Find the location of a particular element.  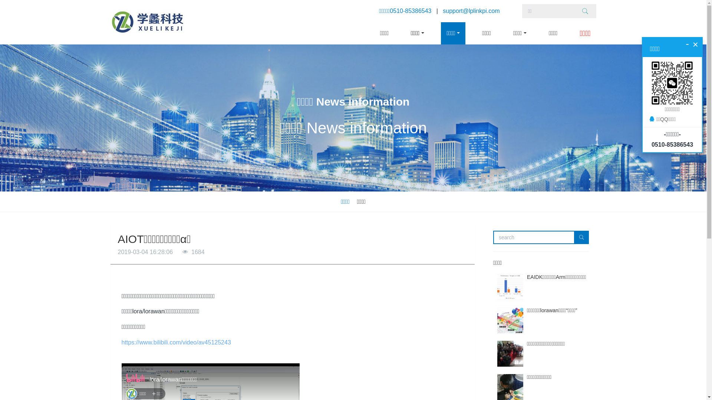

'-' is located at coordinates (687, 44).